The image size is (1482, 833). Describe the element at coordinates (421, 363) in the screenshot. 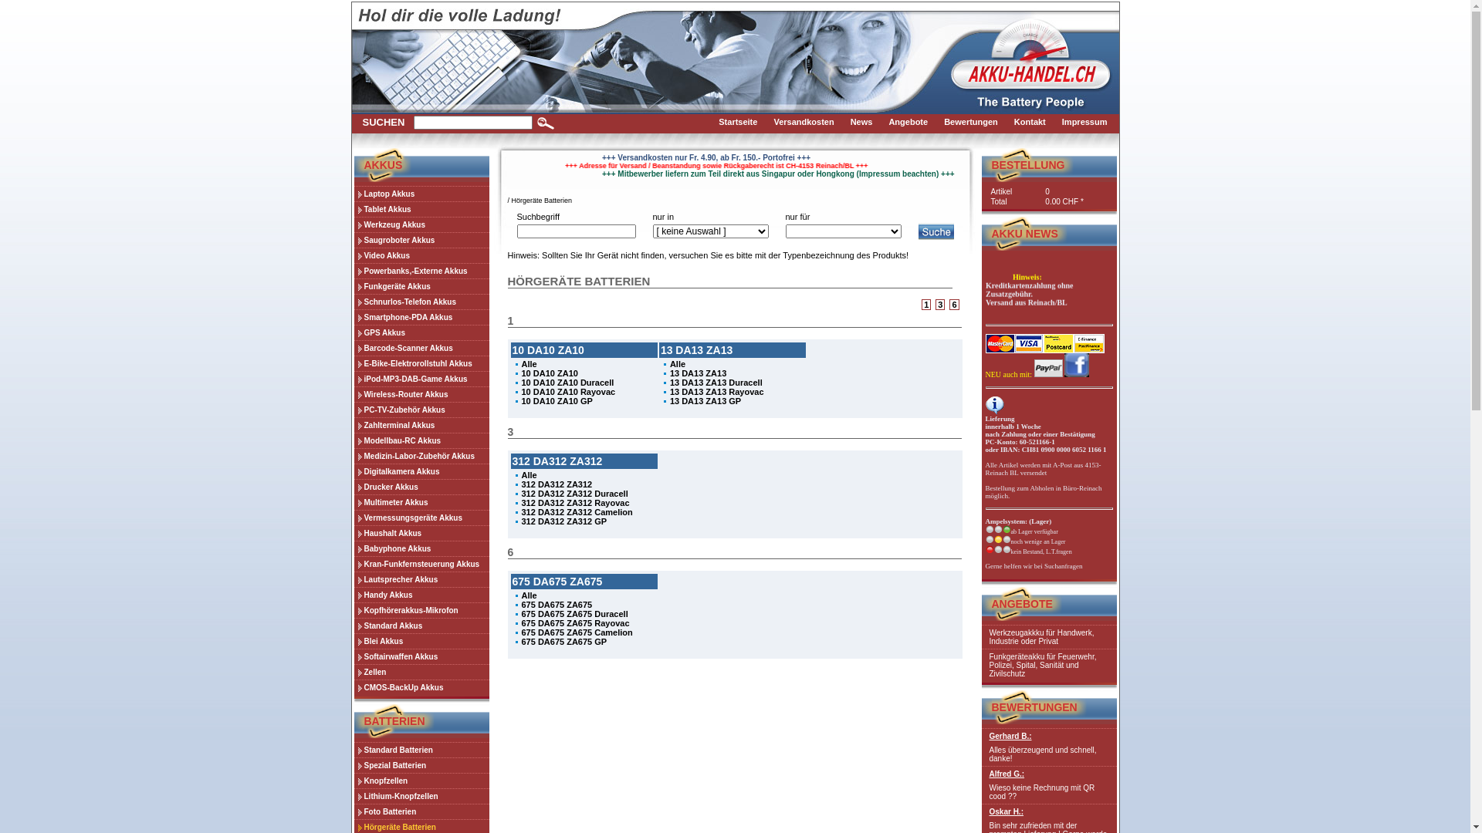

I see `'E-Bike-Elektrorollstuhl Akkus'` at that location.